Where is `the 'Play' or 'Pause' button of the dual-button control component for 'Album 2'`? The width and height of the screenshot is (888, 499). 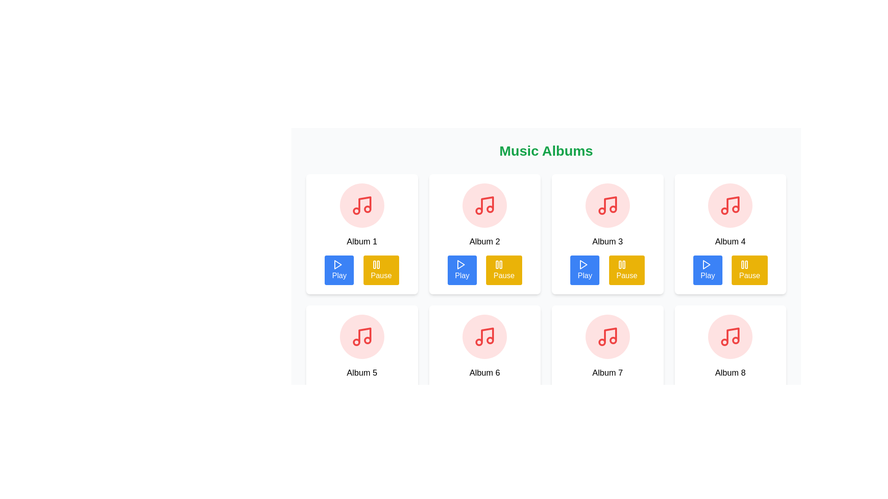
the 'Play' or 'Pause' button of the dual-button control component for 'Album 2' is located at coordinates (484, 270).